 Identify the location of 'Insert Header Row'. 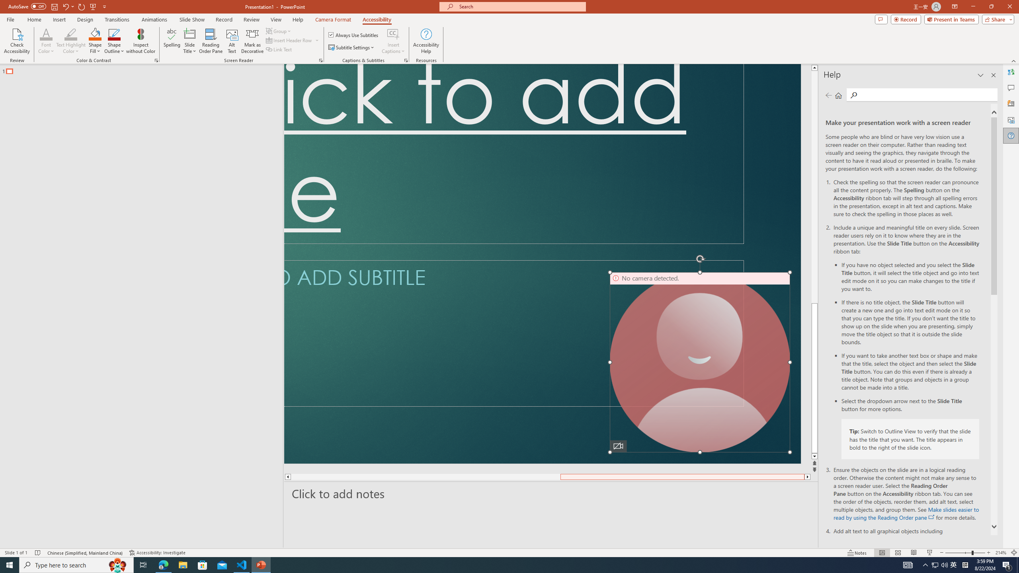
(289, 39).